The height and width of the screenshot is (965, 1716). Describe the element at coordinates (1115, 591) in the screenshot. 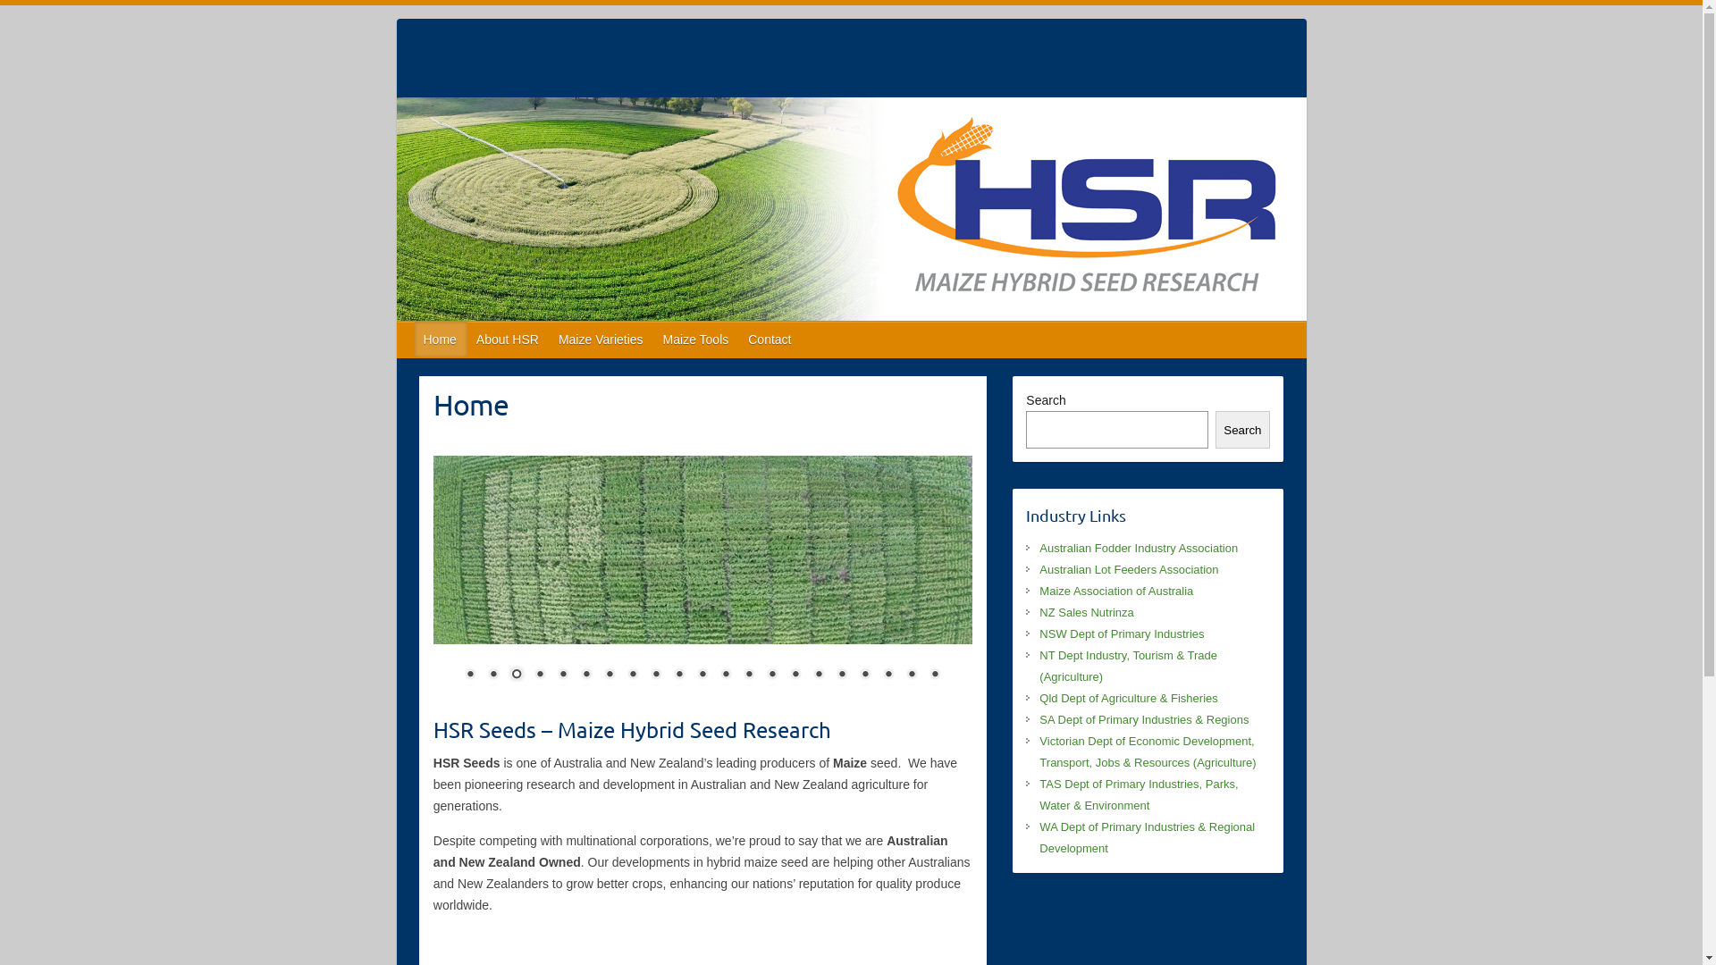

I see `'Maize Association of Australia'` at that location.